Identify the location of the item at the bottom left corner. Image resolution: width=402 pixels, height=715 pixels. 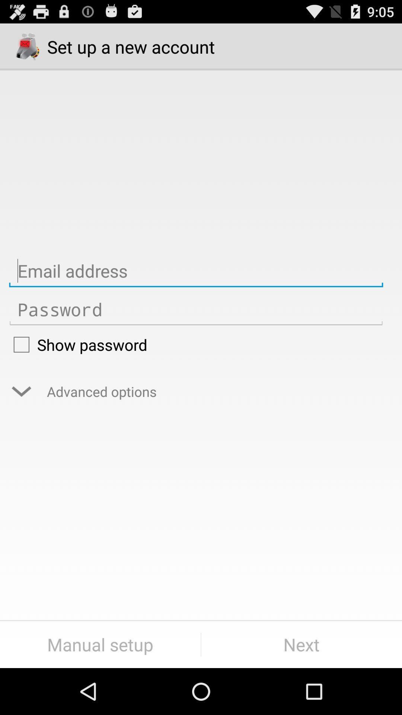
(100, 644).